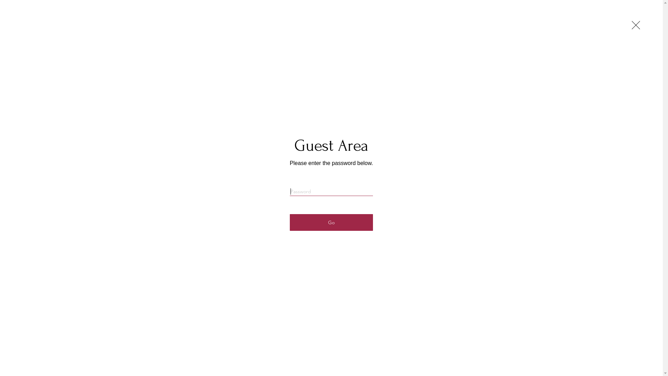  I want to click on 'Go', so click(331, 222).